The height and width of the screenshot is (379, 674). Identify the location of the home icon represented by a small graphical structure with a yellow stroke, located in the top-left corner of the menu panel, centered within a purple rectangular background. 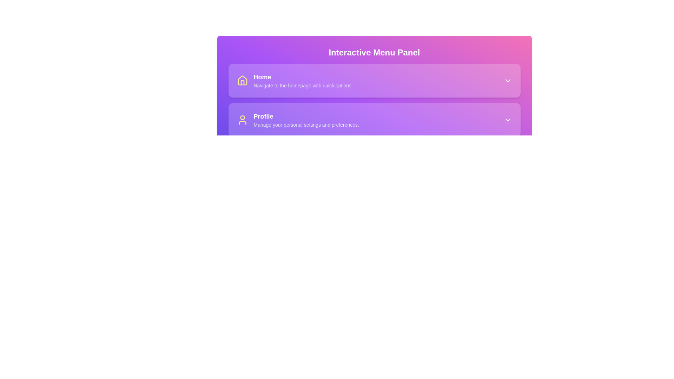
(242, 82).